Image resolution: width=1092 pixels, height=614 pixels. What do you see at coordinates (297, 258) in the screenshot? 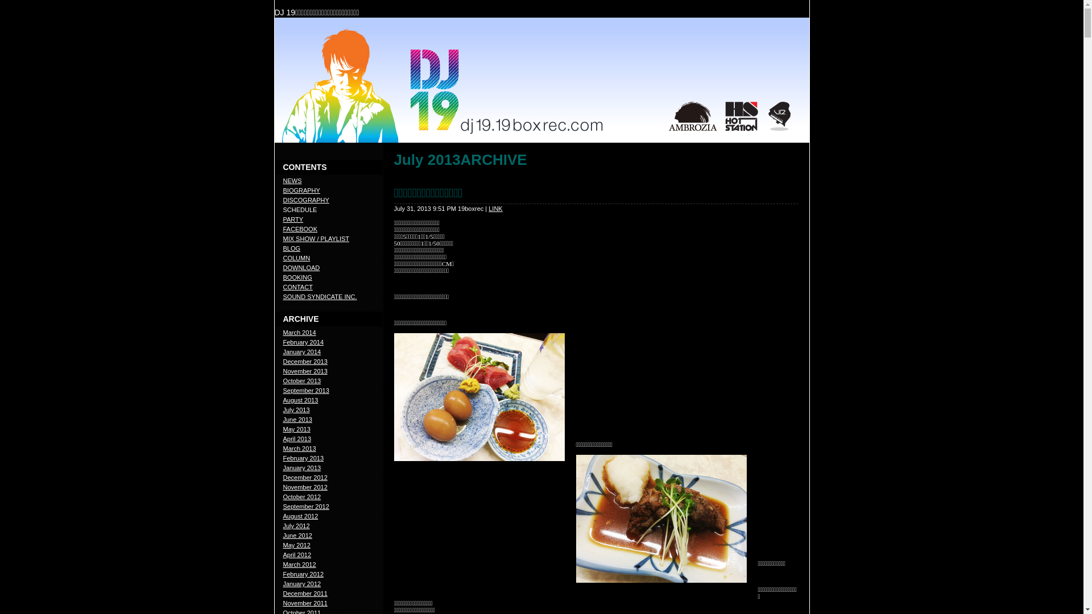
I see `'COLUMN'` at bounding box center [297, 258].